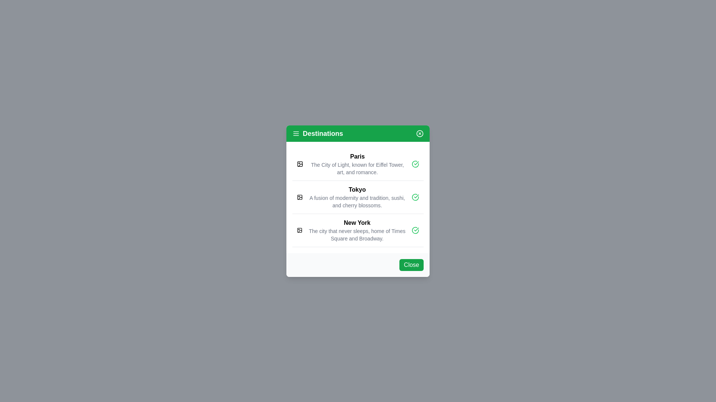 This screenshot has width=716, height=402. Describe the element at coordinates (323, 133) in the screenshot. I see `the Text Label that indicates the purpose or content of the popup, located centrally within the header at the top of the interface, right of the menu icon and left of the close button` at that location.